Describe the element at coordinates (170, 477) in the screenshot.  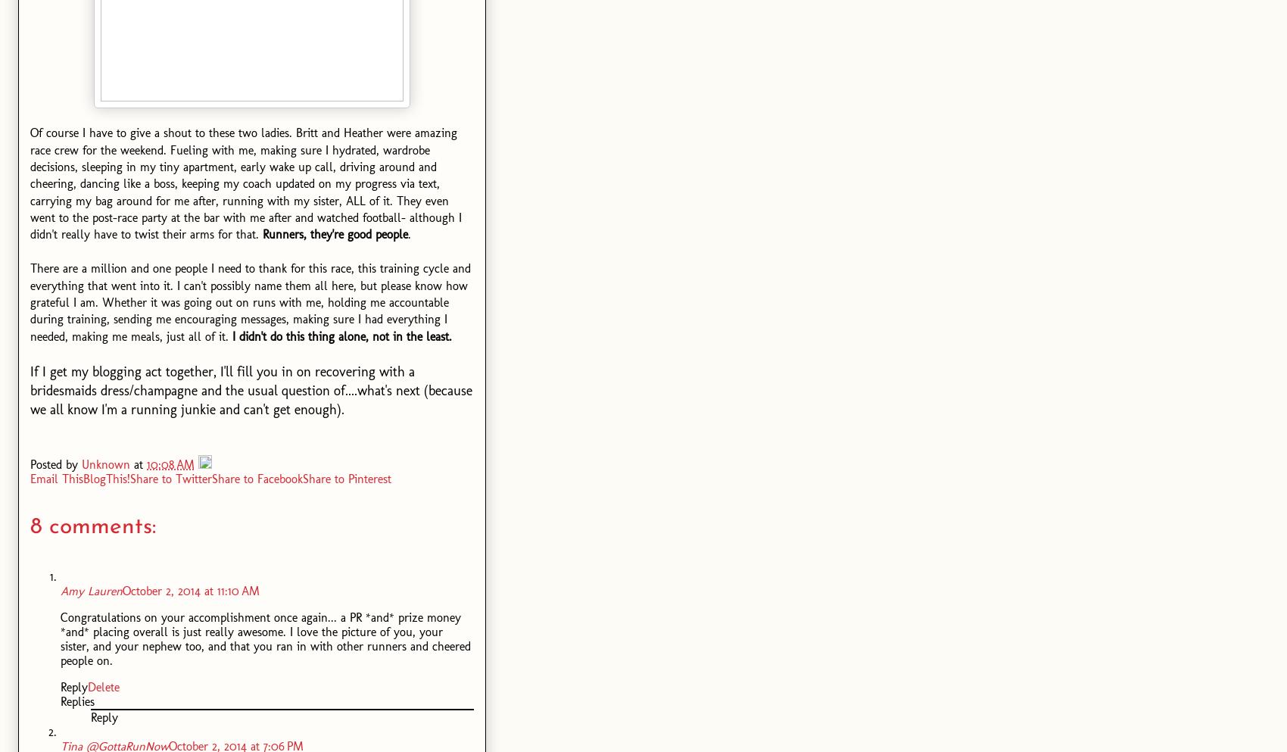
I see `'Share to Twitter'` at that location.